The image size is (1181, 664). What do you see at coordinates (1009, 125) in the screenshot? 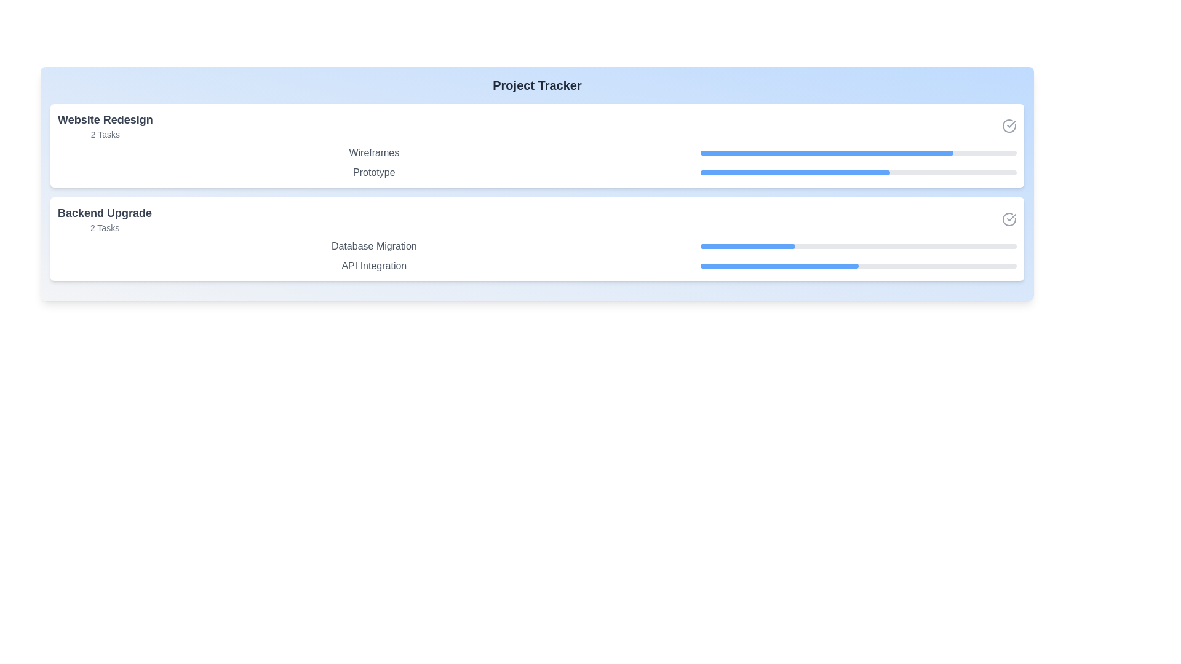
I see `the circled checkmark icon located on the right side of the 'Website Redesign' task group, which features a gray outline and a right-aligned checkmark` at bounding box center [1009, 125].